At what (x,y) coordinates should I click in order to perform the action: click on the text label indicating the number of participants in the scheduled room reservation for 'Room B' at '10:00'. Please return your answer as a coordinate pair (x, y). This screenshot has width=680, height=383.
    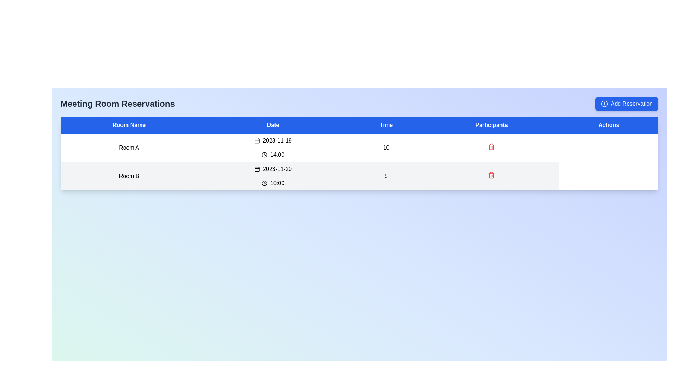
    Looking at the image, I should click on (386, 176).